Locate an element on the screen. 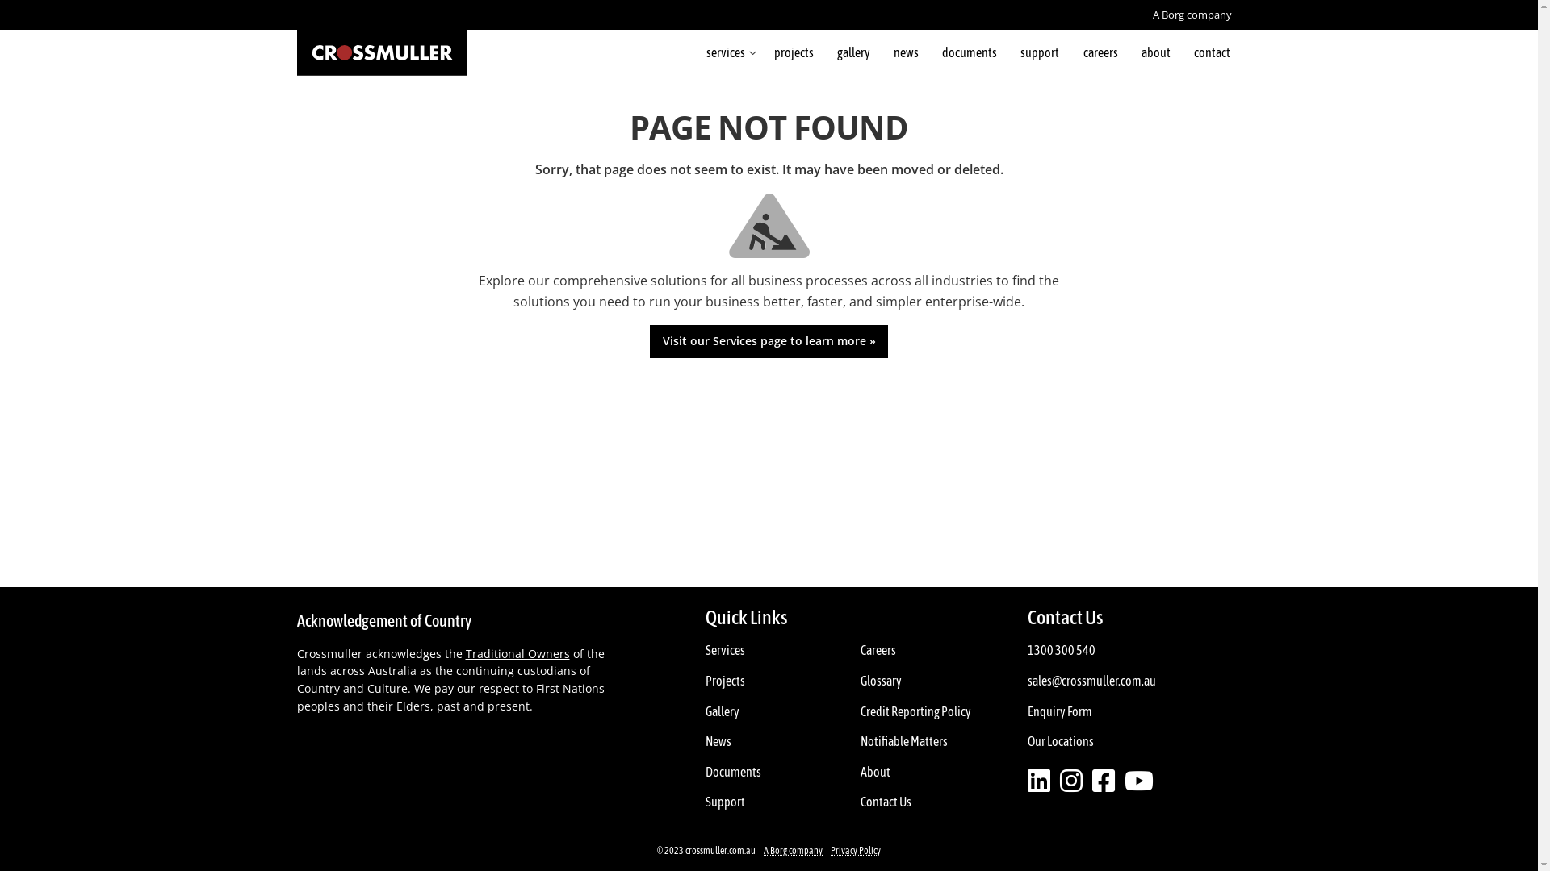  'sales@crossmuller.com.au' is located at coordinates (1022, 681).